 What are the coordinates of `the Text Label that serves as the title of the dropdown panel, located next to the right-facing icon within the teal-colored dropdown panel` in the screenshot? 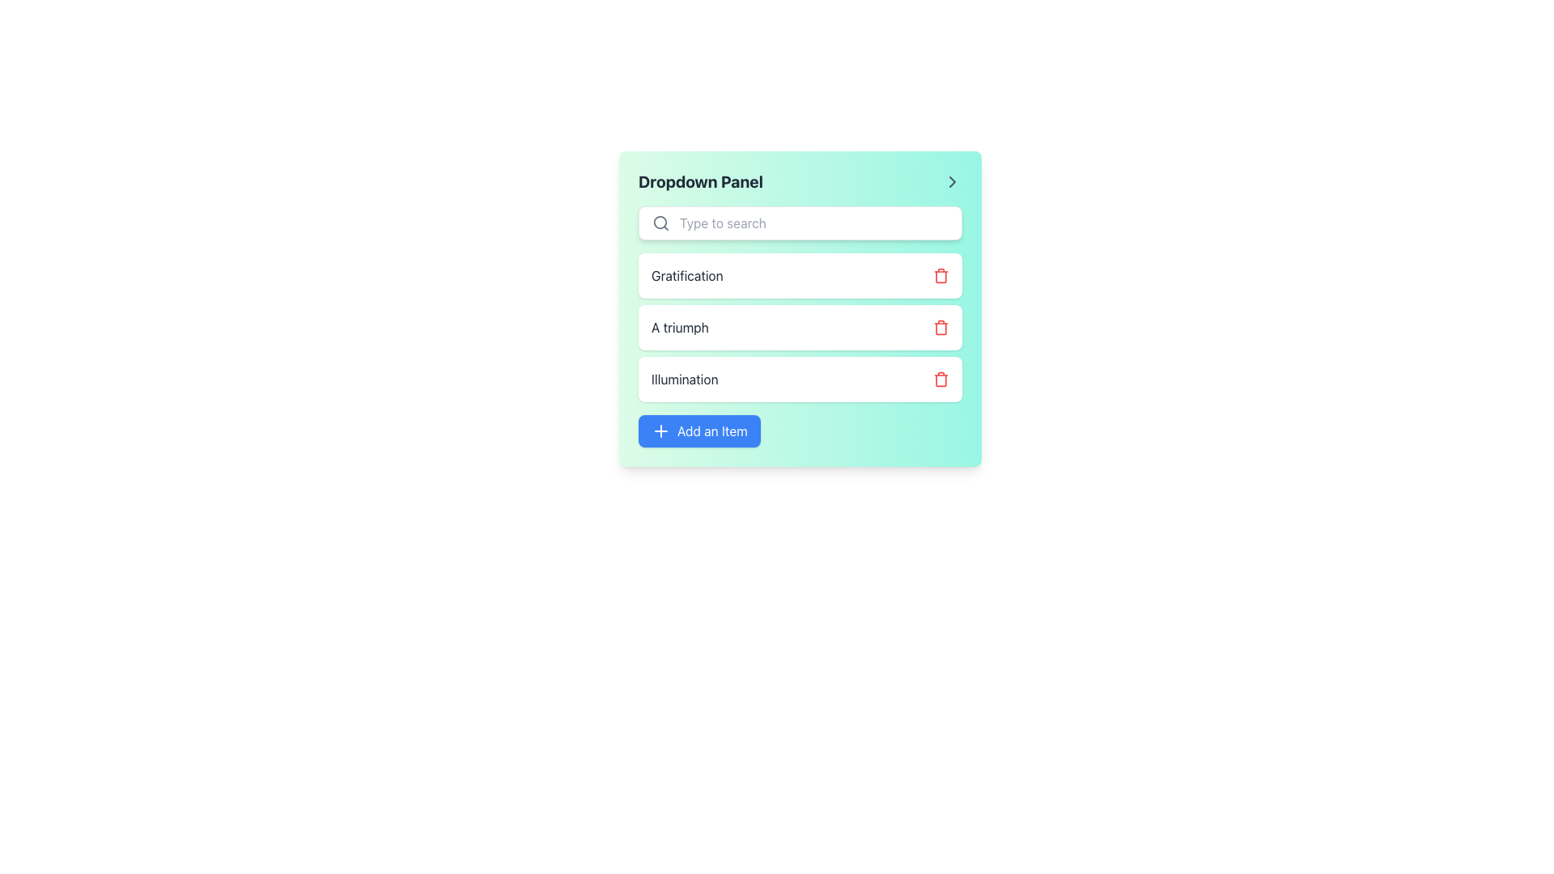 It's located at (700, 181).